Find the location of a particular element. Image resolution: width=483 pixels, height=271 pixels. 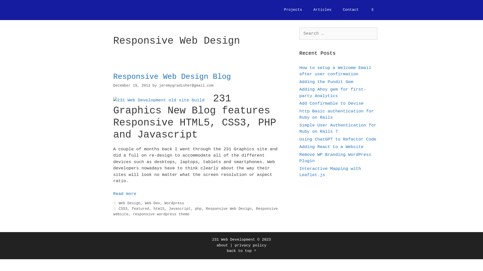

'CSS3' is located at coordinates (123, 209).